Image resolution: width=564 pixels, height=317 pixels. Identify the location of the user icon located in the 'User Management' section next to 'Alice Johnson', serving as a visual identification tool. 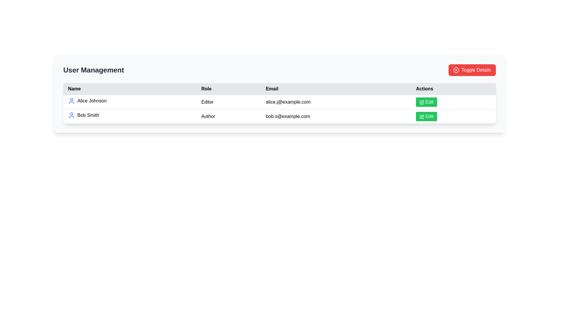
(71, 100).